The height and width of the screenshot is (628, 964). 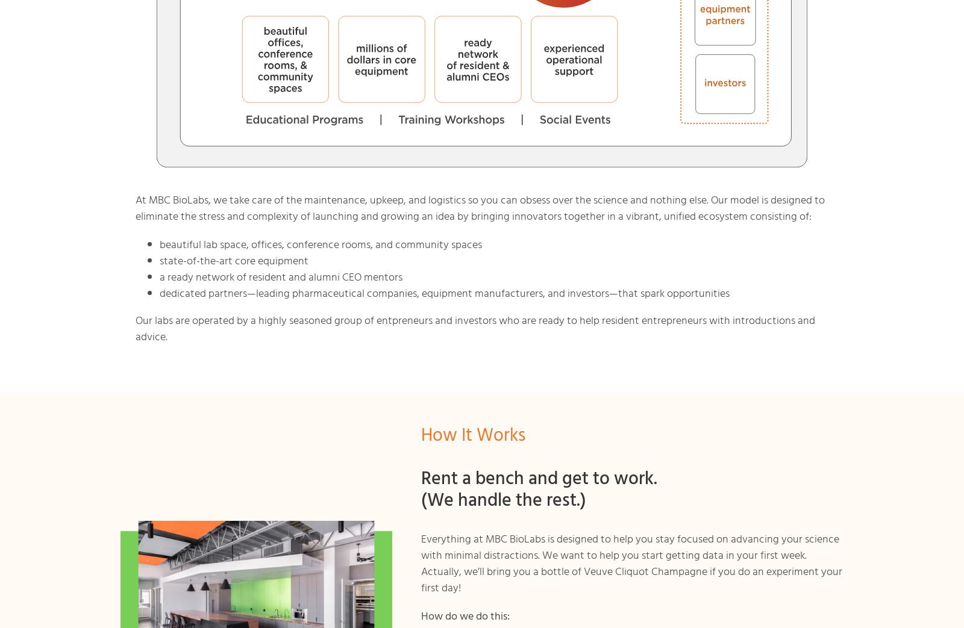 What do you see at coordinates (443, 292) in the screenshot?
I see `'dedicated partners—leading pharmaceutical companies, equipment manufacturers, and investors—that spark opportunities'` at bounding box center [443, 292].